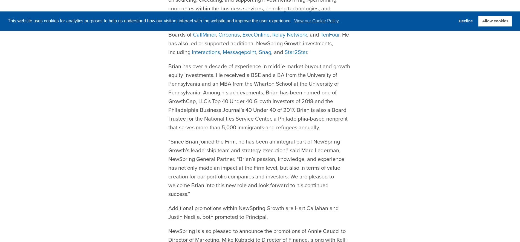 The height and width of the screenshot is (242, 520). What do you see at coordinates (495, 20) in the screenshot?
I see `'Allow cookies'` at bounding box center [495, 20].